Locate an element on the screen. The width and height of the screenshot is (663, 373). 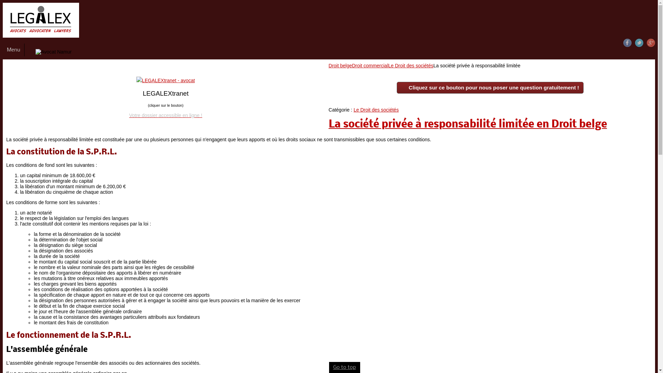
'Google+' is located at coordinates (651, 42).